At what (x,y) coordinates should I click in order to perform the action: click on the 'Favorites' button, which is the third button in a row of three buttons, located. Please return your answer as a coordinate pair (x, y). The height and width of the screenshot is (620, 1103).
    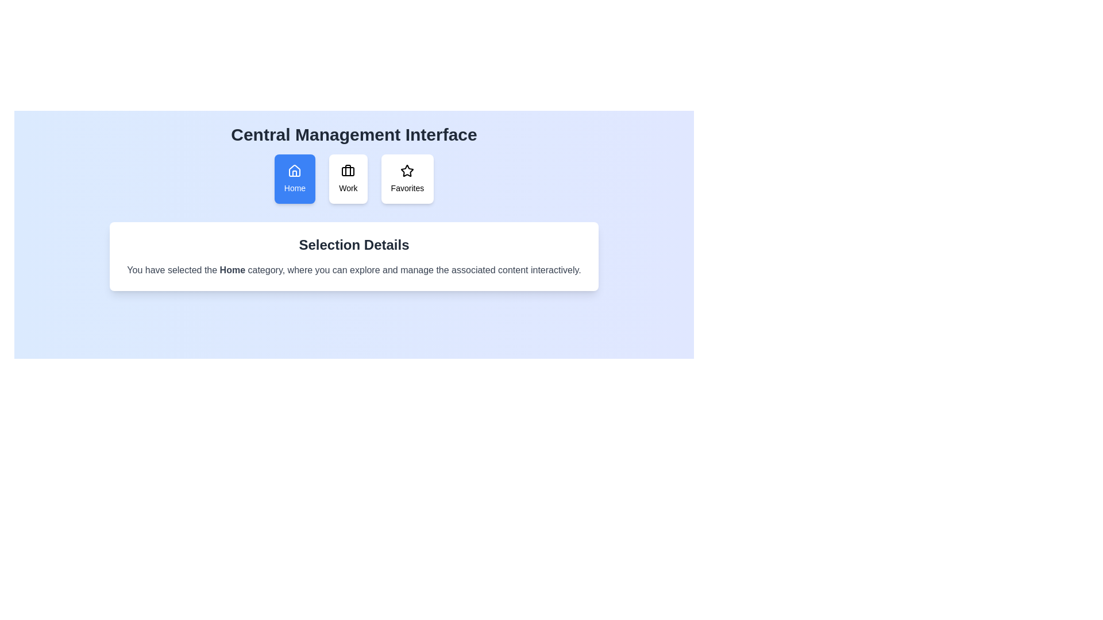
    Looking at the image, I should click on (407, 179).